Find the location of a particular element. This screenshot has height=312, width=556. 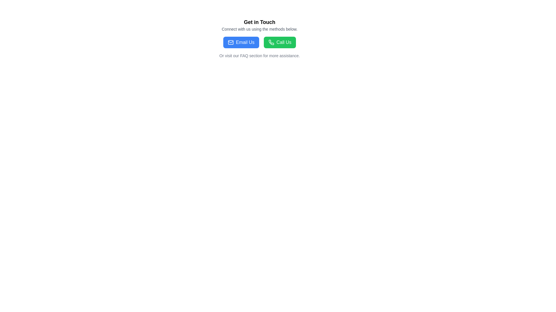

the phone icon within the green 'Call Us' button, which indicates a call function is located at coordinates (271, 42).